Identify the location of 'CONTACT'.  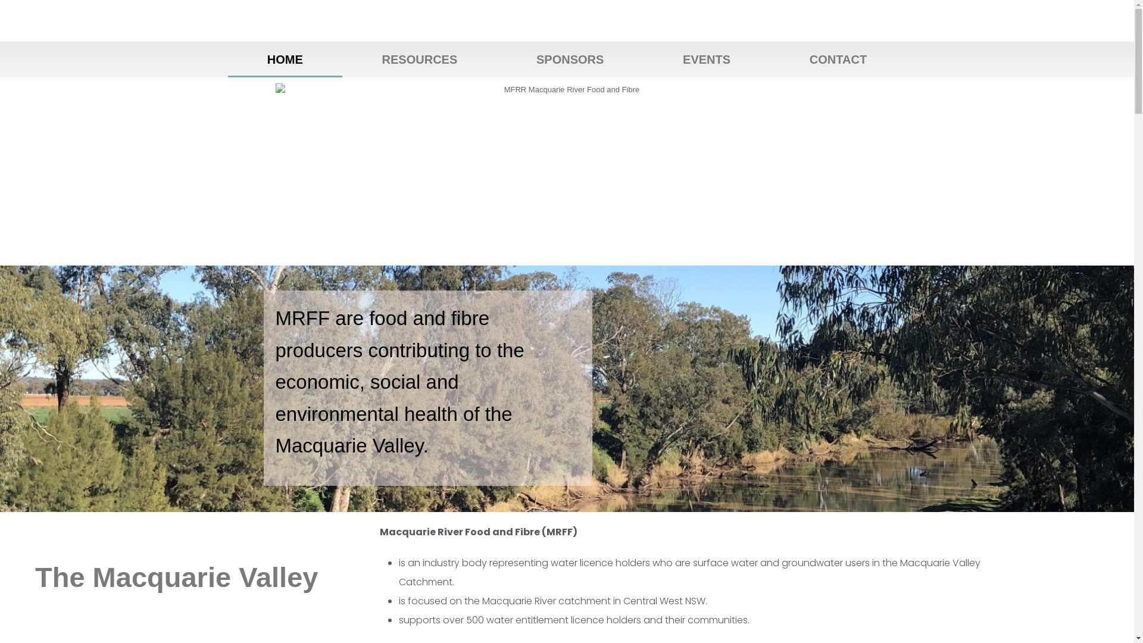
(837, 60).